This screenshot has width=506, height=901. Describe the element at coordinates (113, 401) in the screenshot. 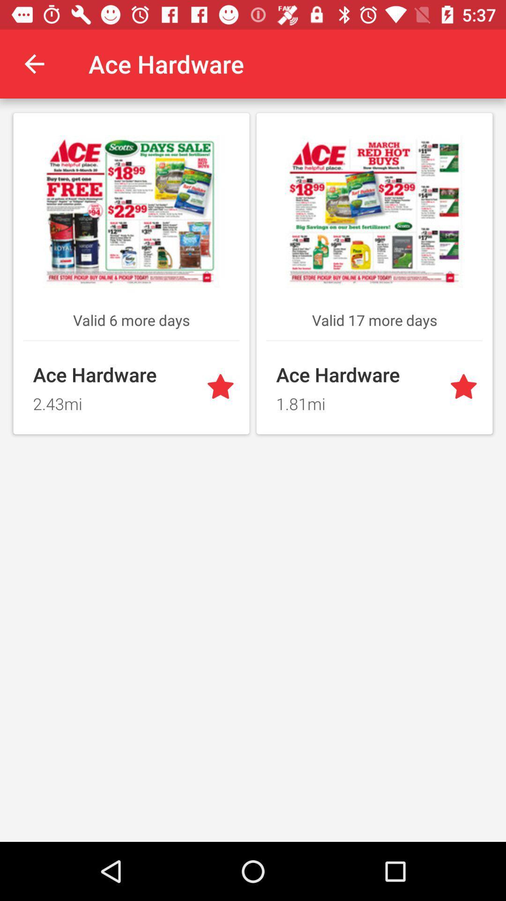

I see `icon below the ace hardware` at that location.